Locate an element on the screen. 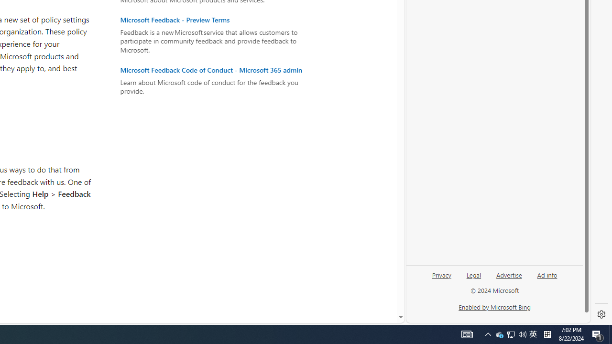 The height and width of the screenshot is (344, 612). 'Legal' is located at coordinates (474, 274).